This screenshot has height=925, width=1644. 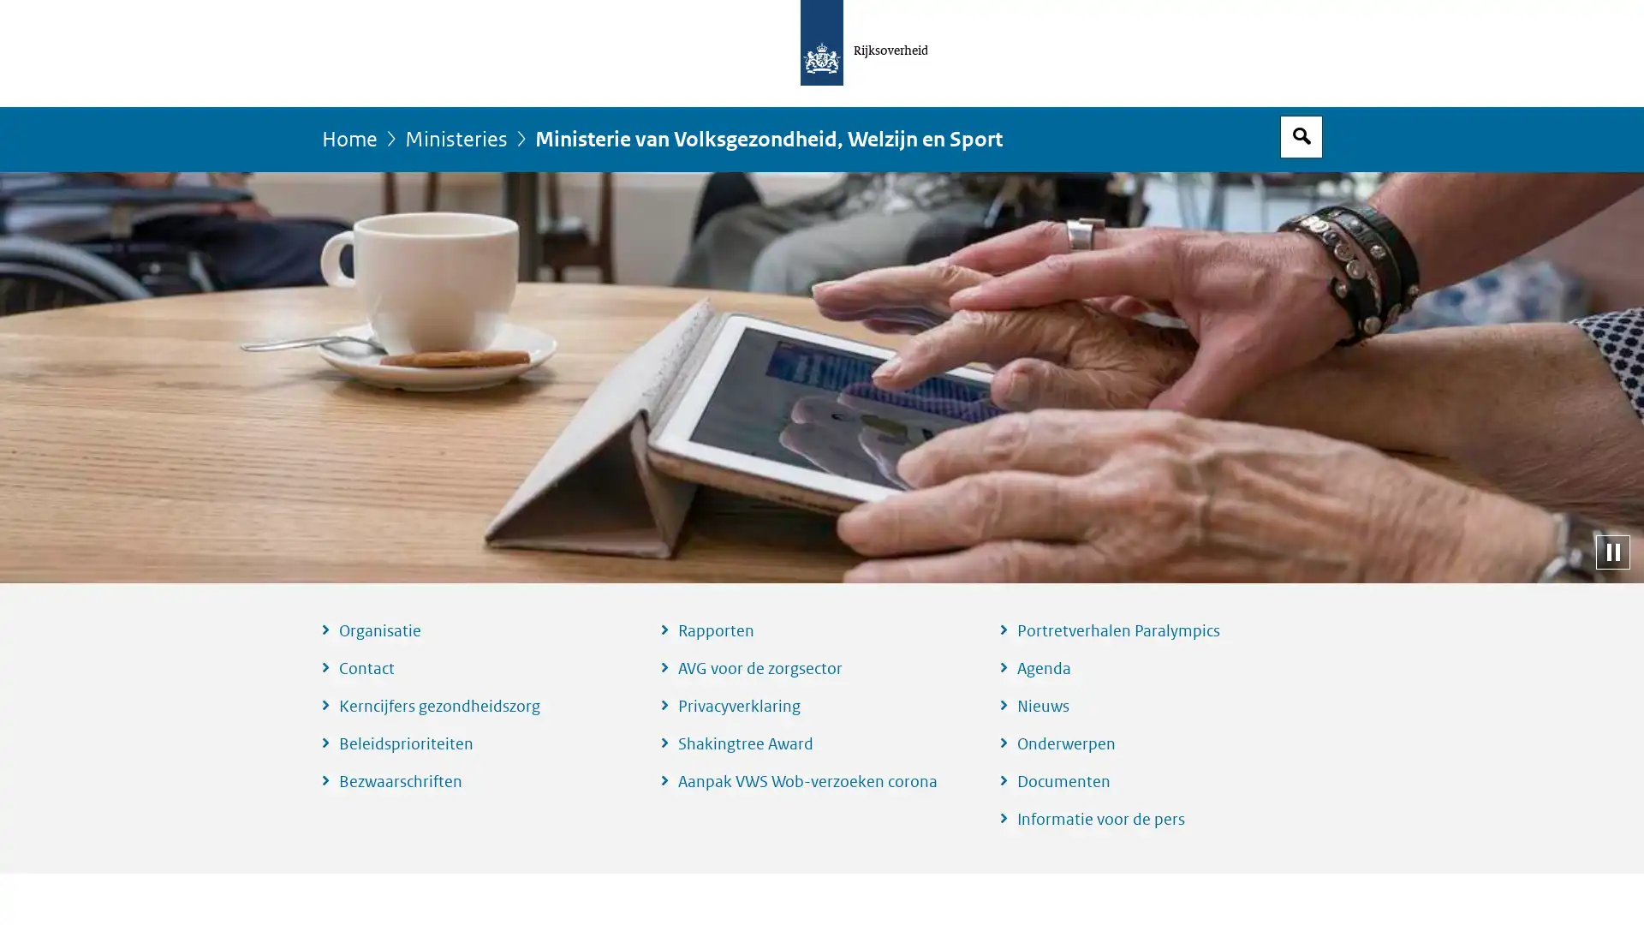 What do you see at coordinates (1611, 552) in the screenshot?
I see `Pauzeer diashow` at bounding box center [1611, 552].